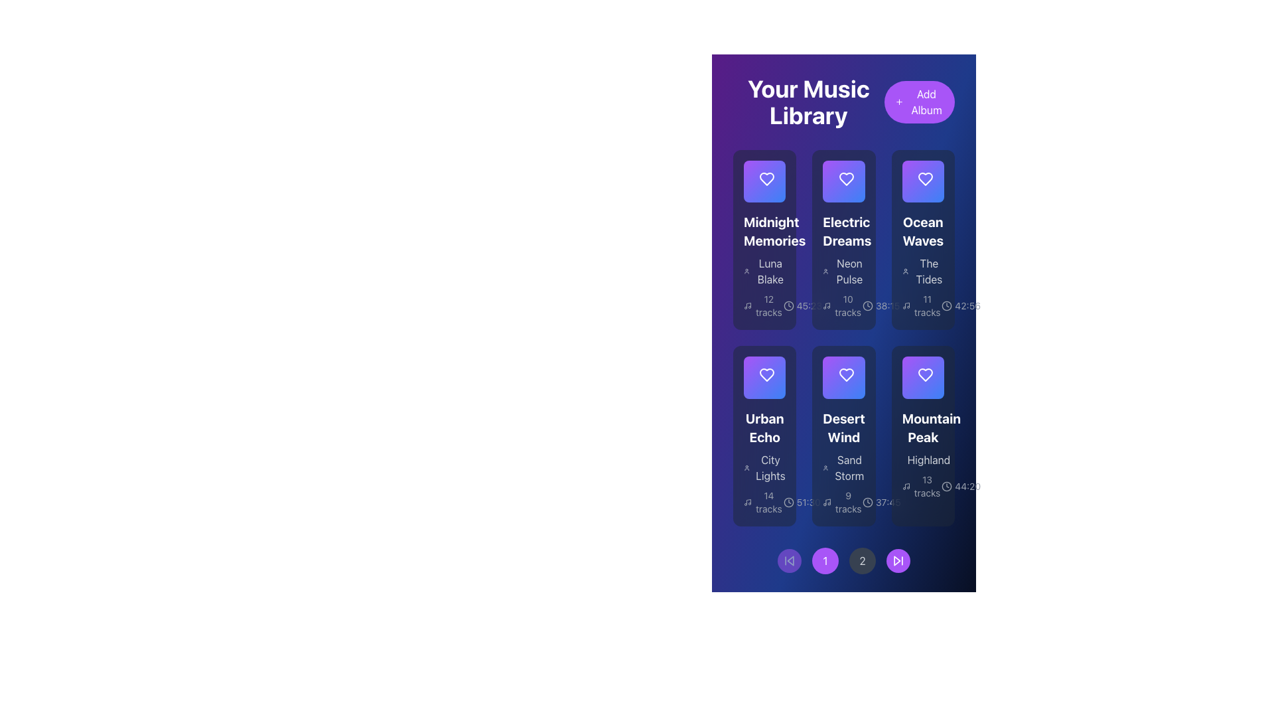  What do you see at coordinates (746, 271) in the screenshot?
I see `the user profile icon located to the left of the text 'Luna Blake', which serves as a visual indicator for user-related content` at bounding box center [746, 271].